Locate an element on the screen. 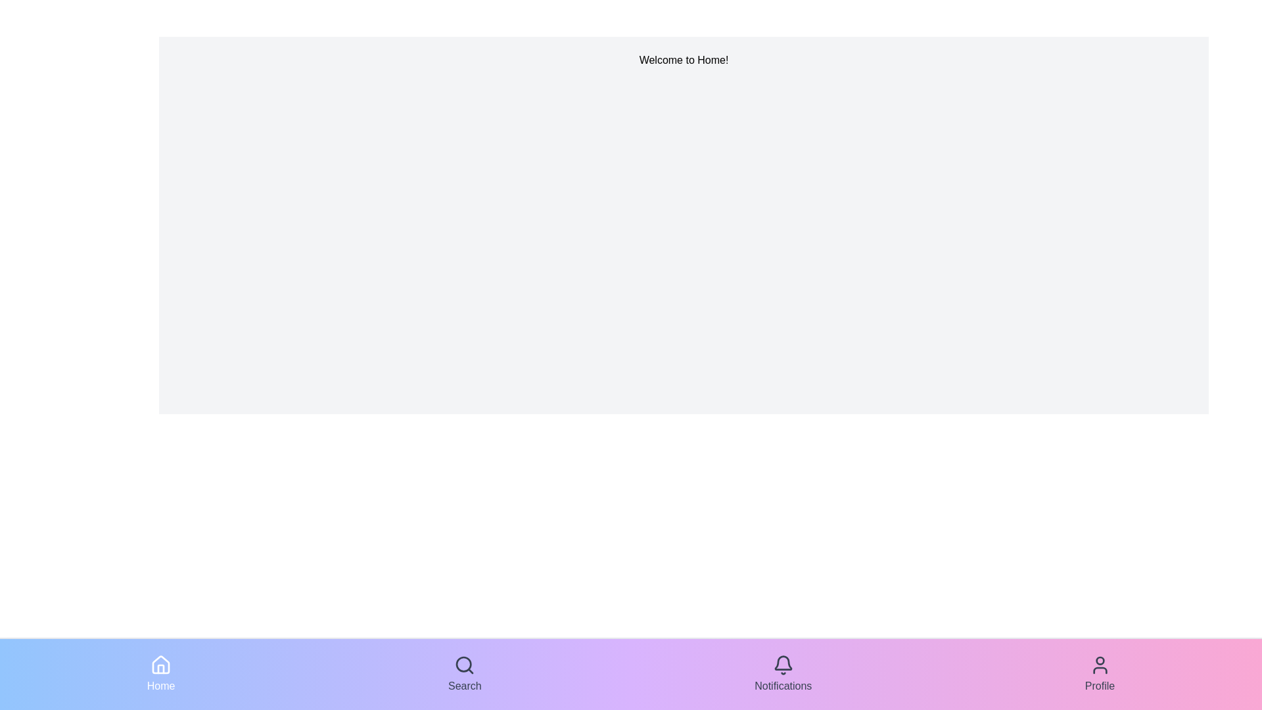 The image size is (1262, 710). text label indicating the purpose of the associated user icon button located at the bottom right corner of the interface, under the user icon is located at coordinates (1100, 686).